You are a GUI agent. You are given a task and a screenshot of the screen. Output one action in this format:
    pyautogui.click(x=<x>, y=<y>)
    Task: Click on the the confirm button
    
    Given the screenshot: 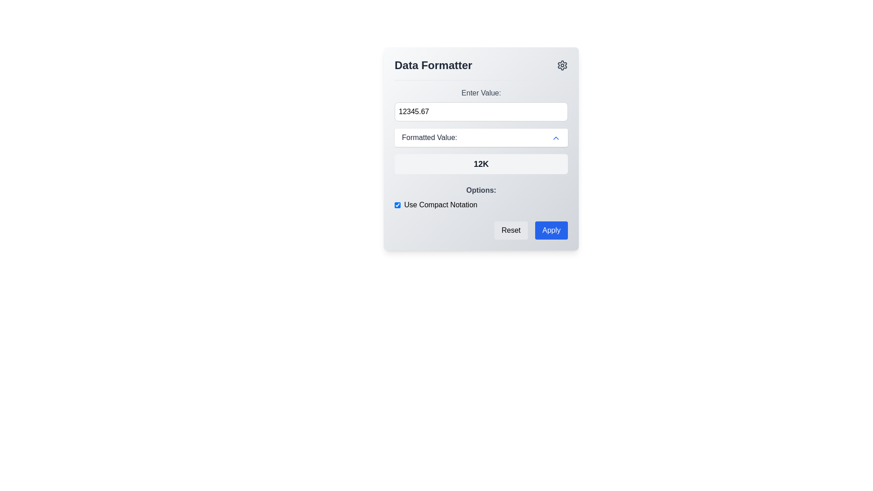 What is the action you would take?
    pyautogui.click(x=551, y=230)
    